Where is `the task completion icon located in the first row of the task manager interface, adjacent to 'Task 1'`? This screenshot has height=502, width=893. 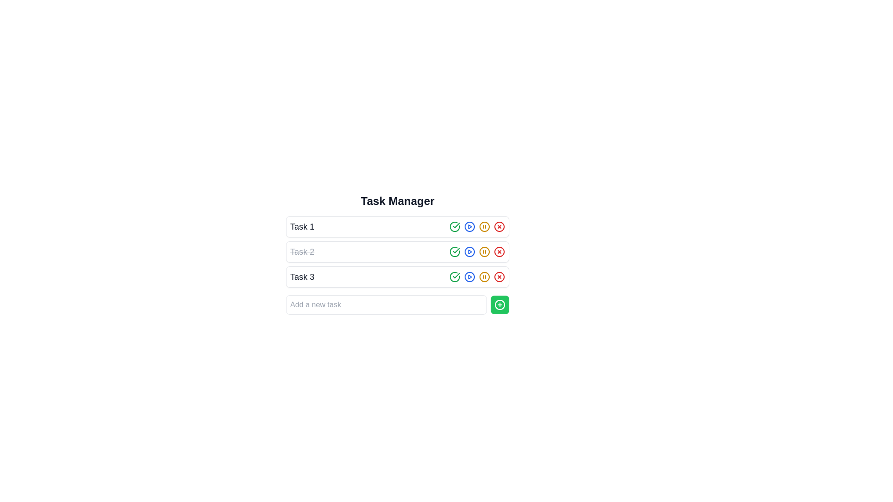 the task completion icon located in the first row of the task manager interface, adjacent to 'Task 1' is located at coordinates (456, 250).